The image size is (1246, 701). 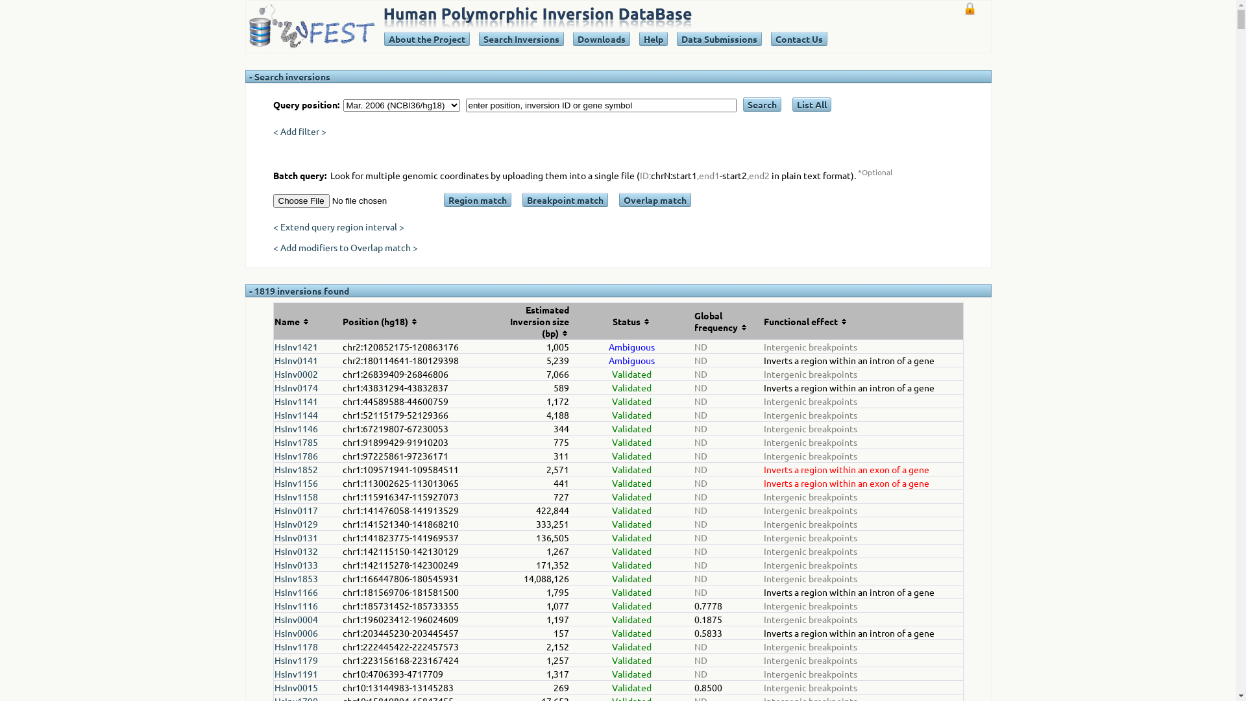 What do you see at coordinates (655, 200) in the screenshot?
I see `'Overlap match'` at bounding box center [655, 200].